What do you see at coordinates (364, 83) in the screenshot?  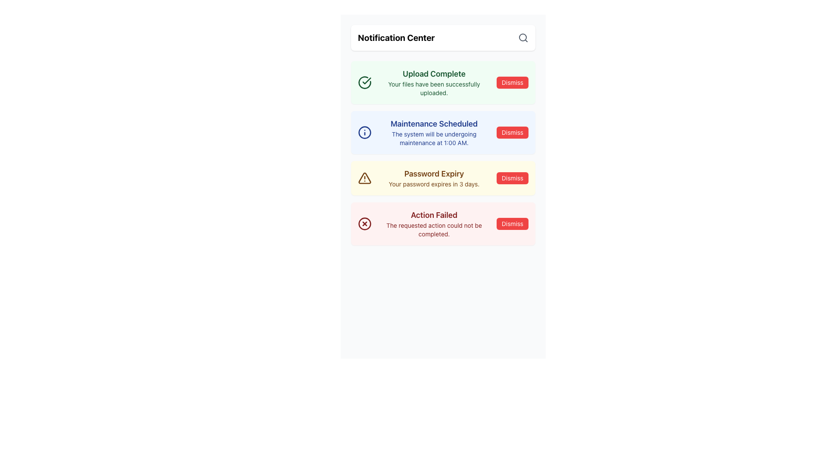 I see `the decorative icon located in the top-left corner of the 'Upload Complete' green notification card to indicate successful upload completion` at bounding box center [364, 83].